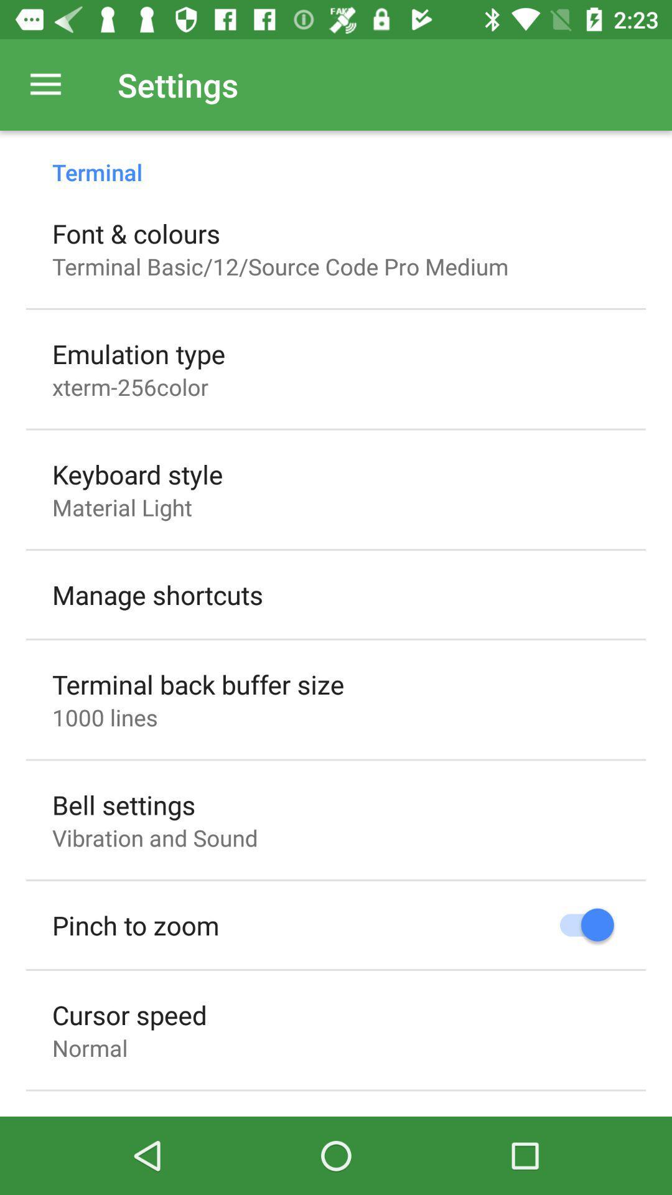  What do you see at coordinates (138, 474) in the screenshot?
I see `the keyboard style item` at bounding box center [138, 474].